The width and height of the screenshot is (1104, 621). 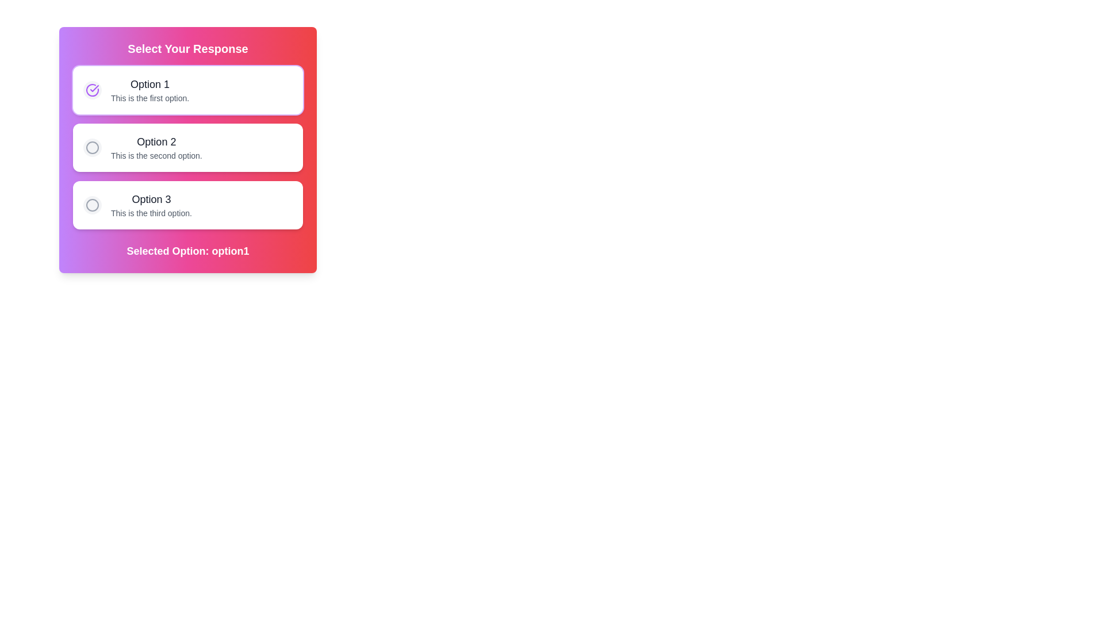 What do you see at coordinates (93, 90) in the screenshot?
I see `the checkmark icon on the left side of the first option box` at bounding box center [93, 90].